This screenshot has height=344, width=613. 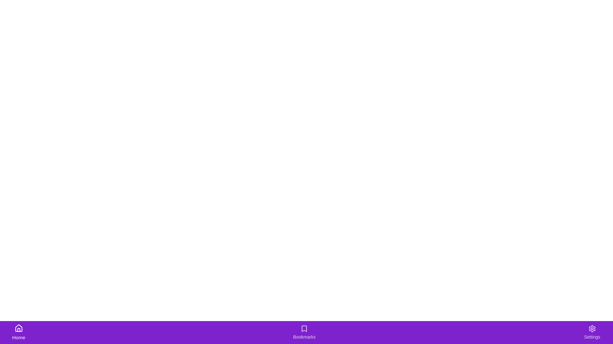 What do you see at coordinates (18, 332) in the screenshot?
I see `the Home tab to observe its hover effects` at bounding box center [18, 332].